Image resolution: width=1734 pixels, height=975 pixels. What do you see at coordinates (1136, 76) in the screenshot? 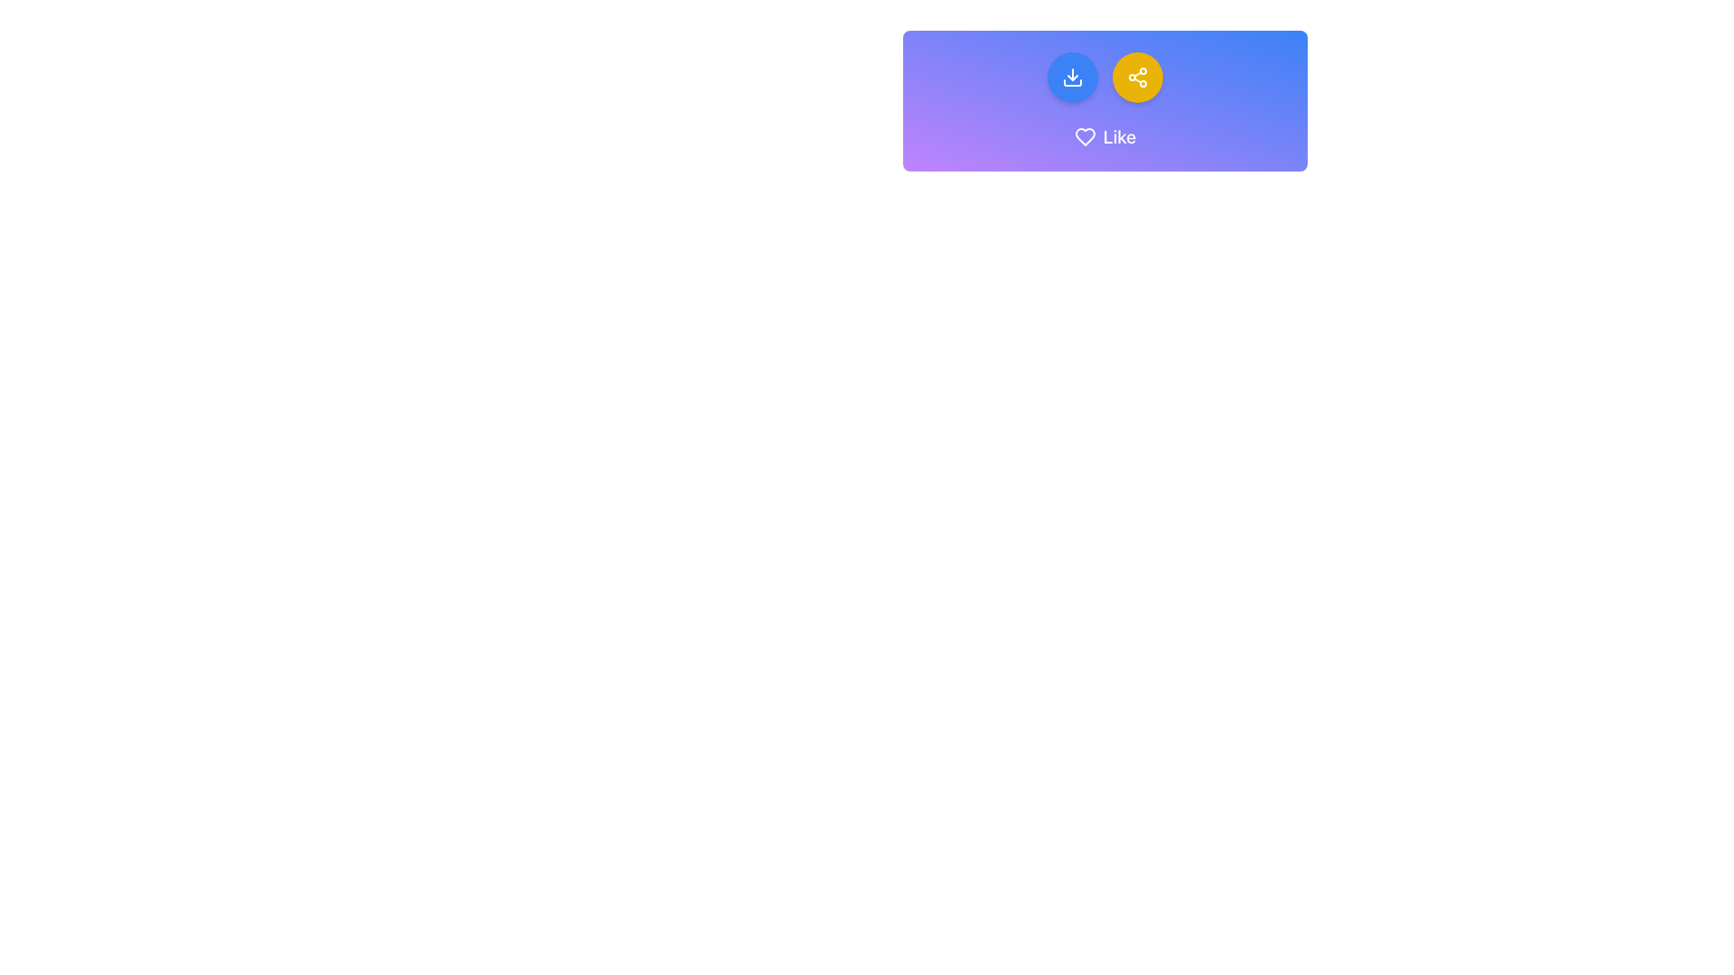
I see `the share button located in a horizontal layout group, positioned to the right of the blue circular download button and above the 'Like' text label` at bounding box center [1136, 76].